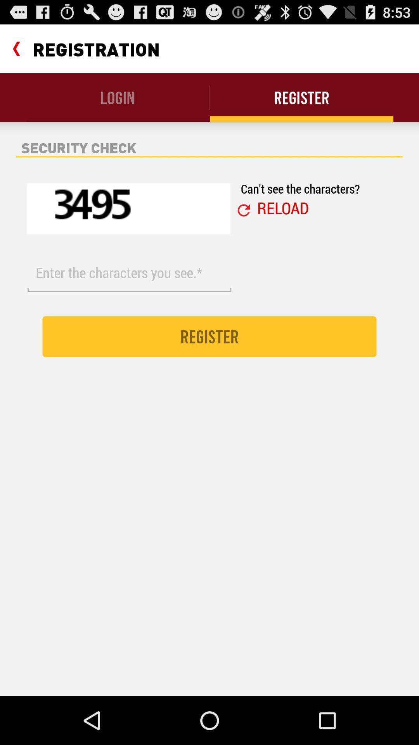 Image resolution: width=419 pixels, height=745 pixels. I want to click on the icon below can t see, so click(243, 210).